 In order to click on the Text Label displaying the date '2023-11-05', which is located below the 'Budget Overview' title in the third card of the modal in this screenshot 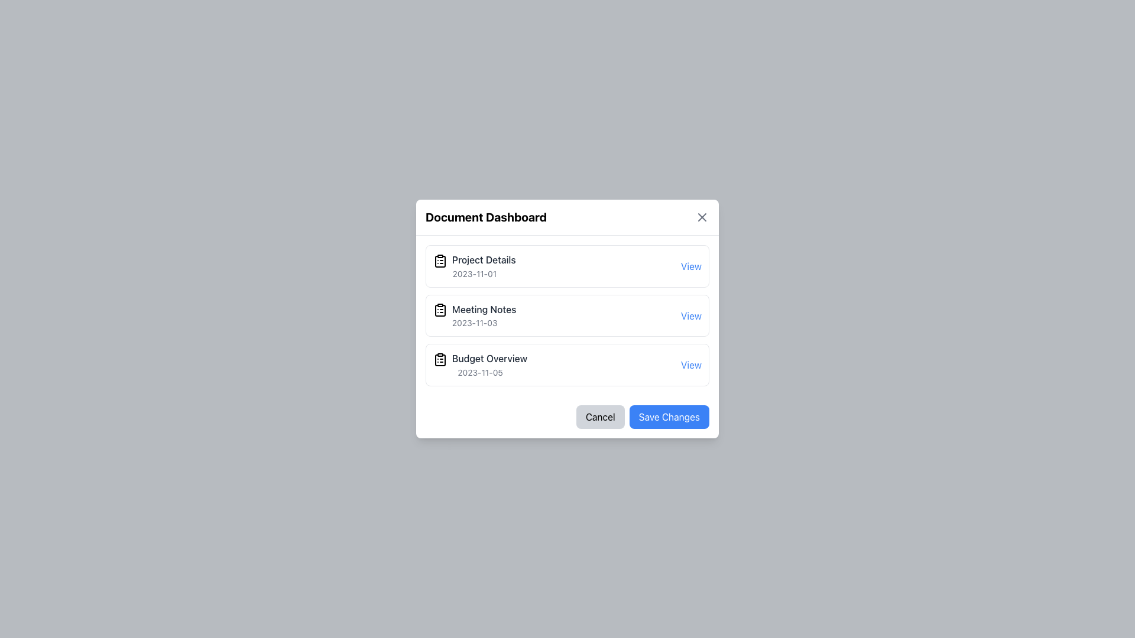, I will do `click(480, 373)`.